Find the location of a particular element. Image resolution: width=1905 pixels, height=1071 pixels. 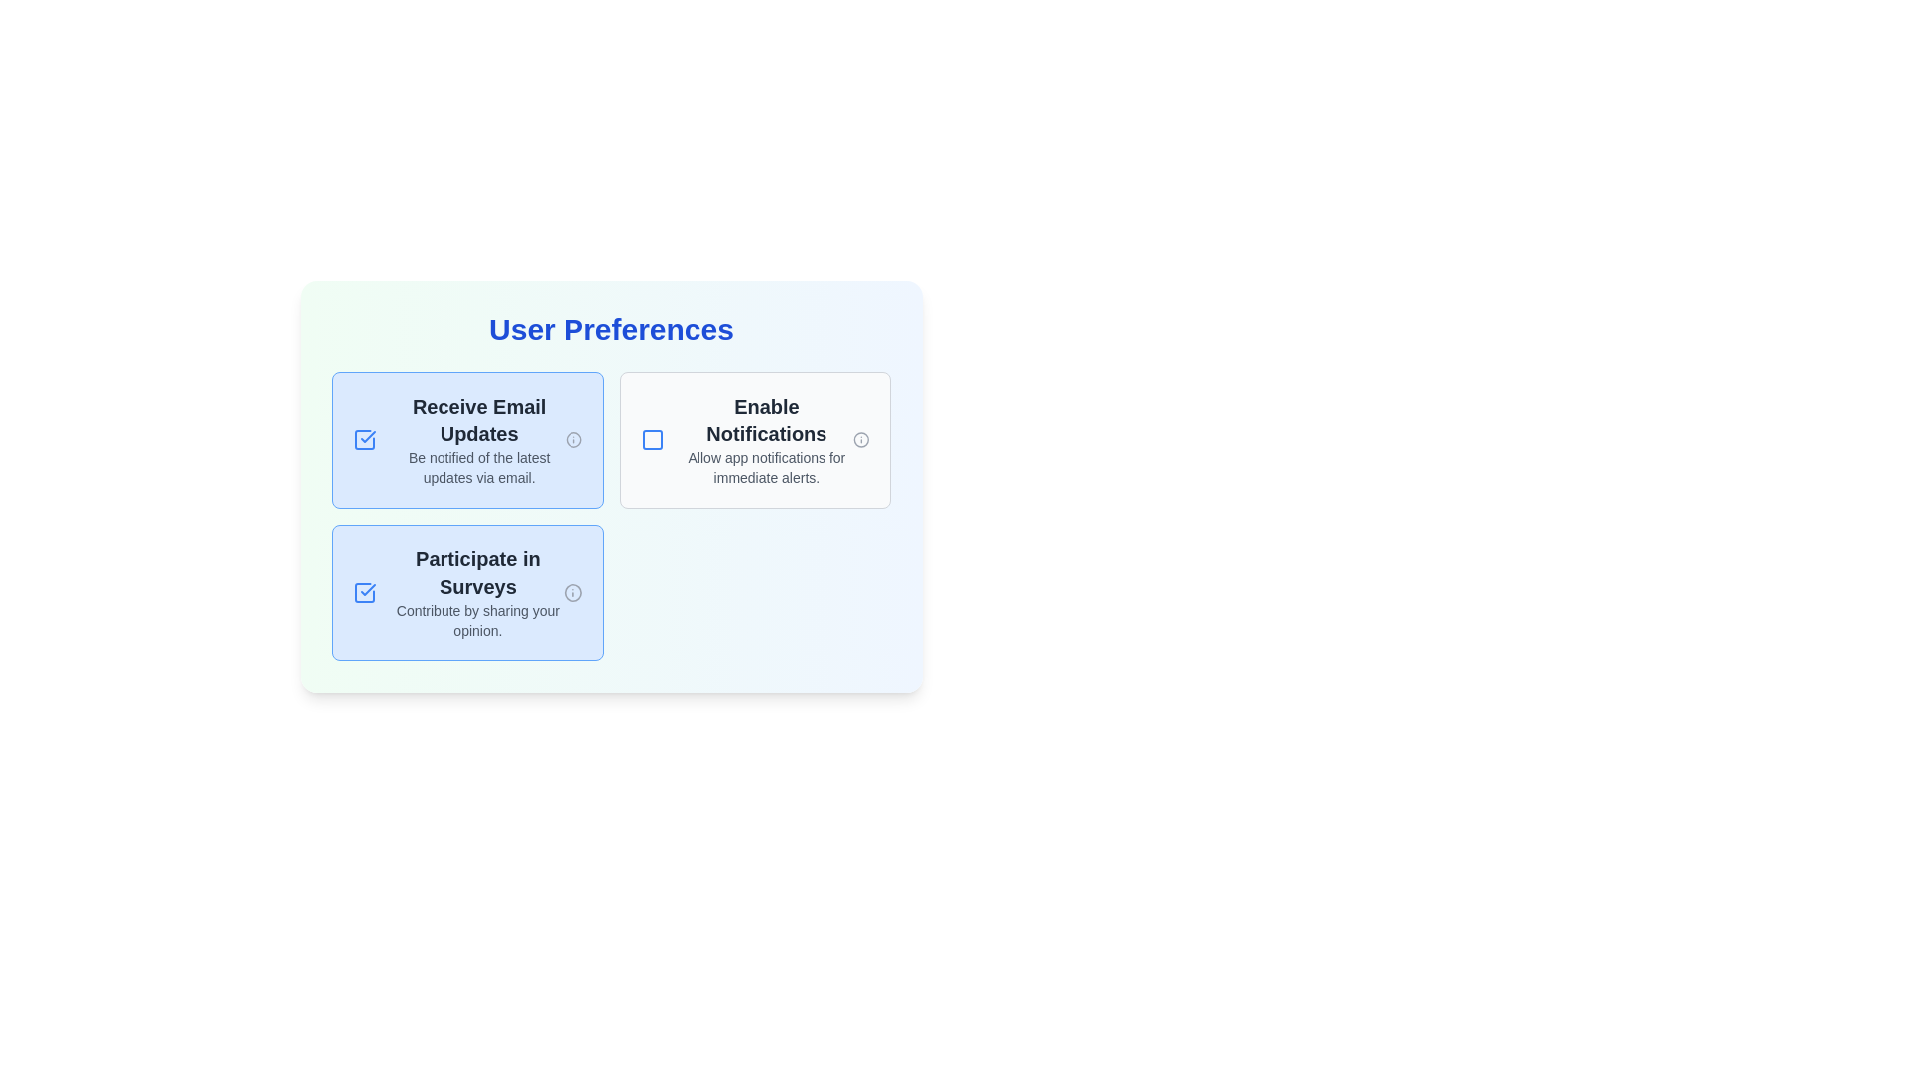

the grid layout that organizes selectable preference options within the 'User Preferences' section to interact with the checkboxes is located at coordinates (610, 515).